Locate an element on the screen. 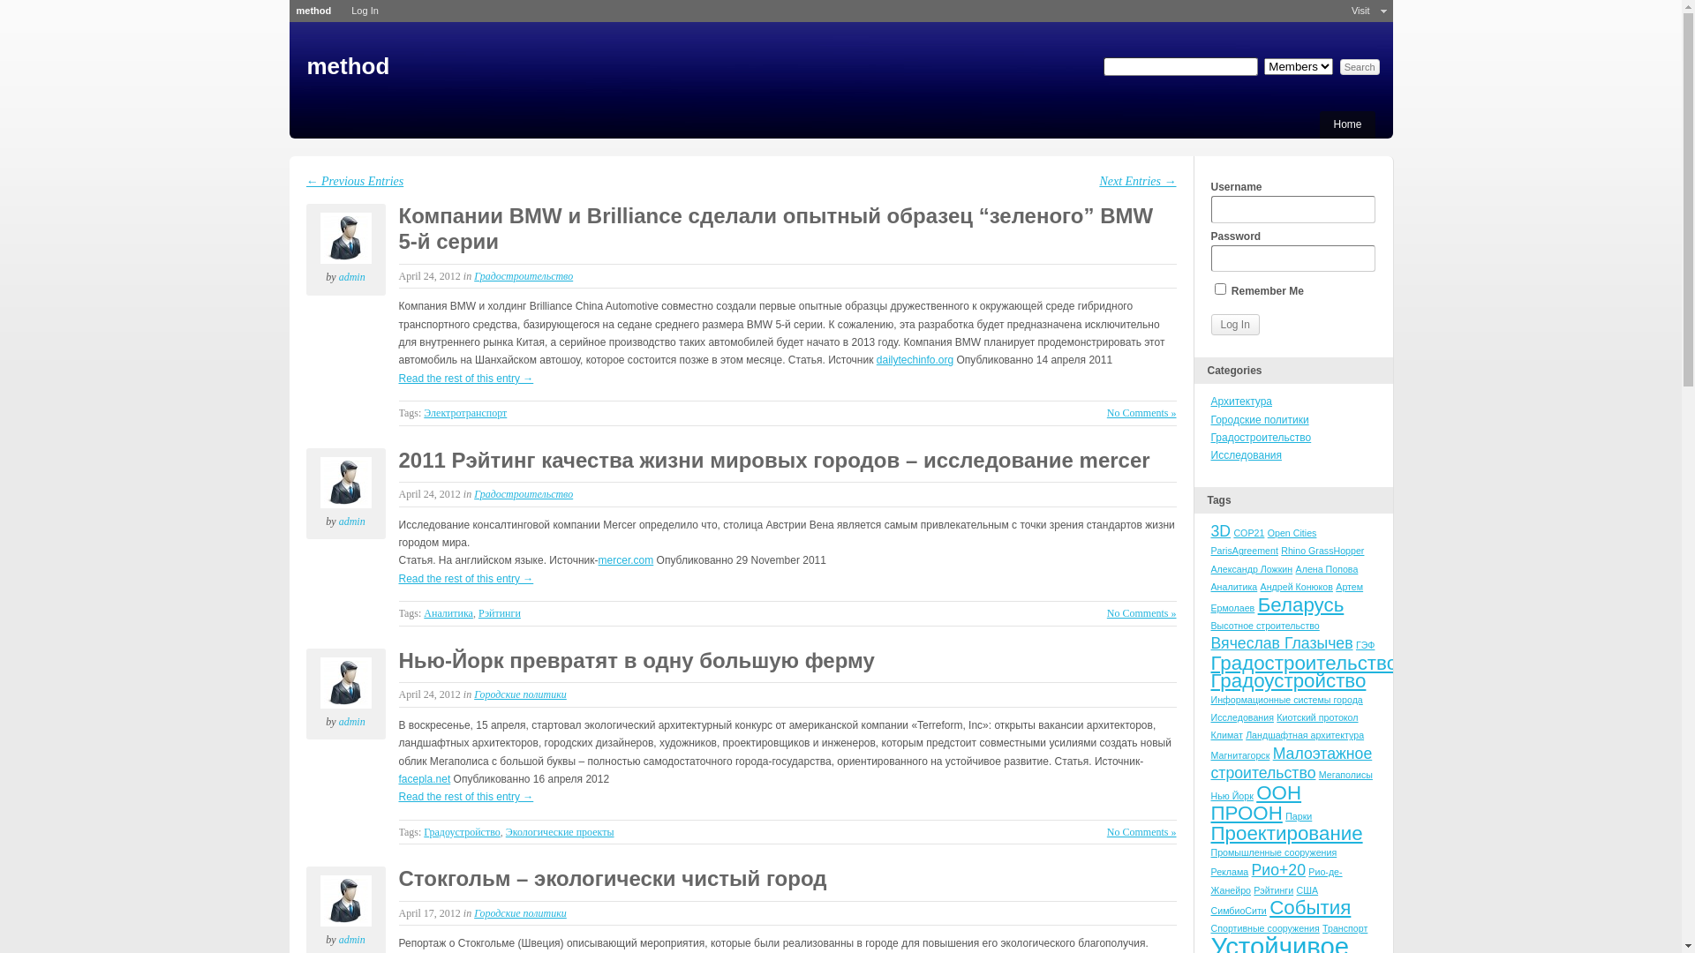  'Visit' is located at coordinates (1360, 11).